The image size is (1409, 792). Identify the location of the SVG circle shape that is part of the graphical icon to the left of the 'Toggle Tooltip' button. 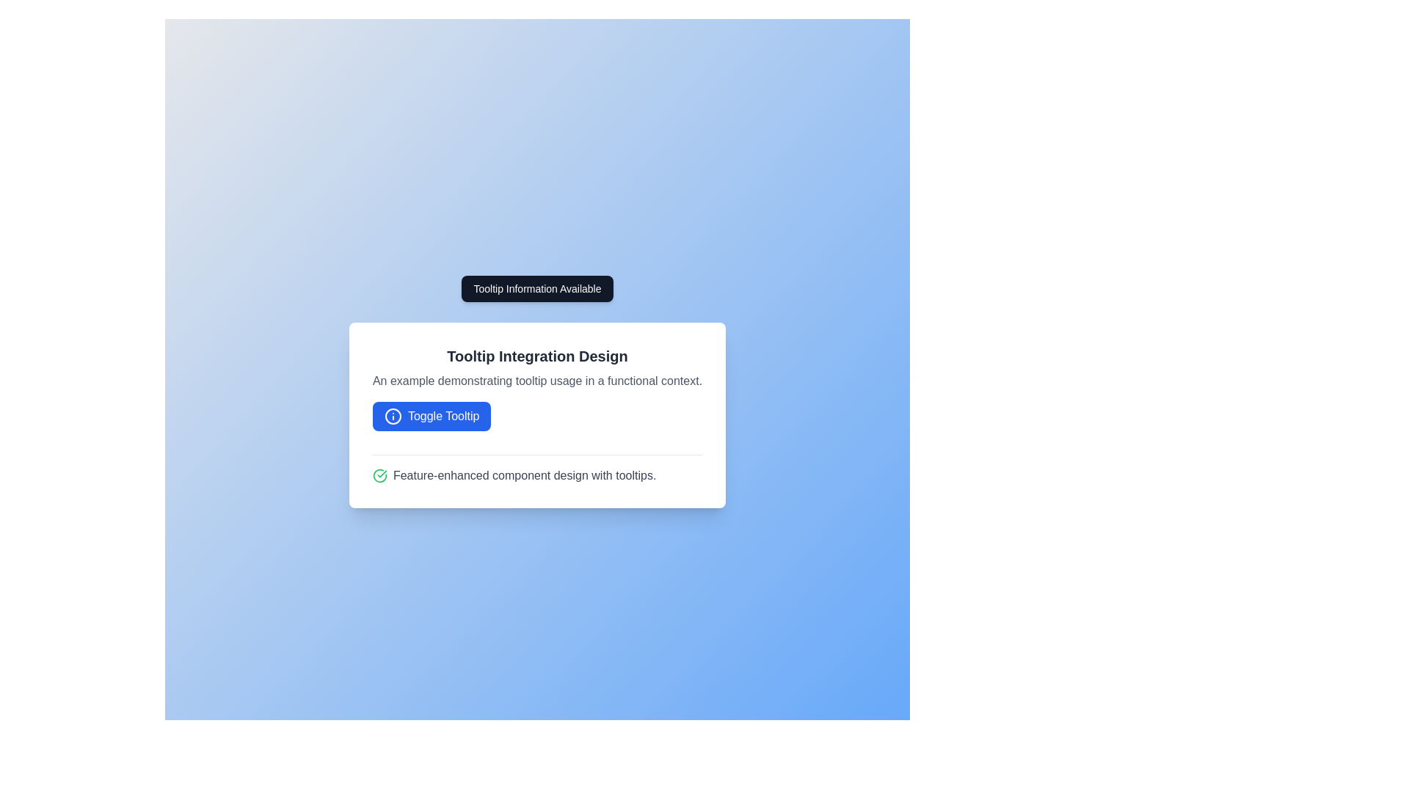
(393, 416).